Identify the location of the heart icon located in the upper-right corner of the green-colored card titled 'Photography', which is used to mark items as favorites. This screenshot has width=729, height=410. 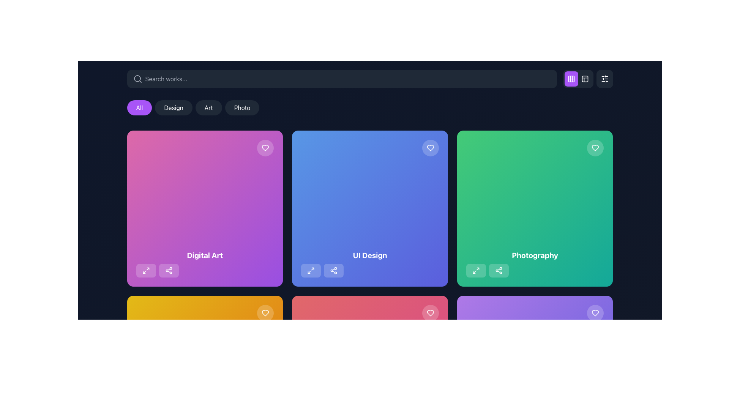
(595, 148).